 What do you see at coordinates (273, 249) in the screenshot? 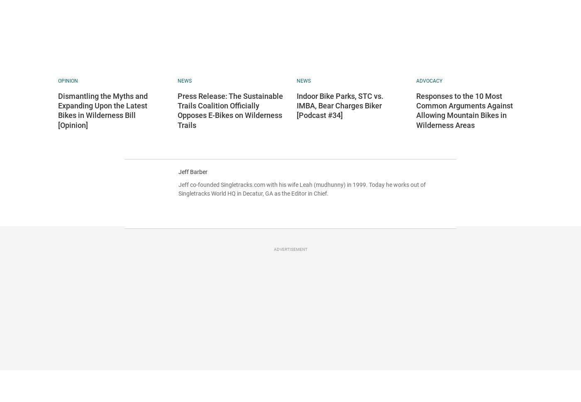
I see `'Advertisement'` at bounding box center [273, 249].